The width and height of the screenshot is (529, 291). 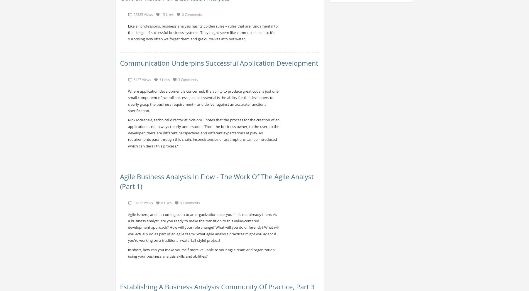 I want to click on '3 Comments', so click(x=188, y=80).